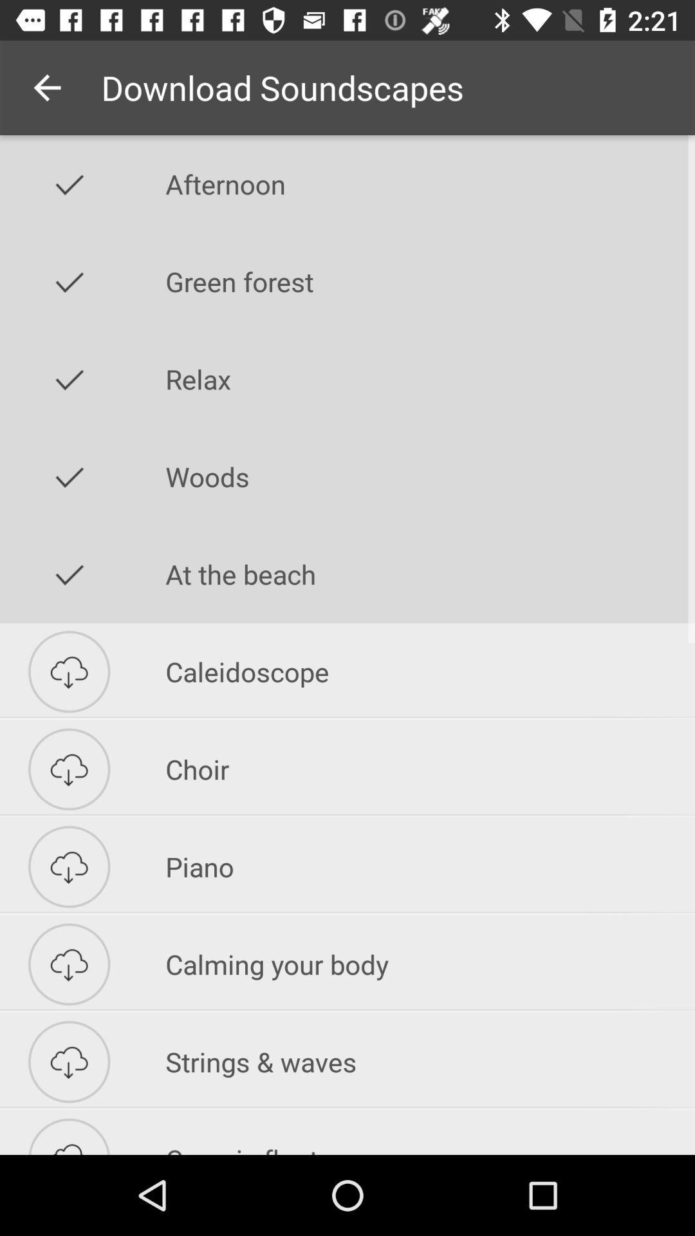  What do you see at coordinates (430, 574) in the screenshot?
I see `the icon below the woods item` at bounding box center [430, 574].